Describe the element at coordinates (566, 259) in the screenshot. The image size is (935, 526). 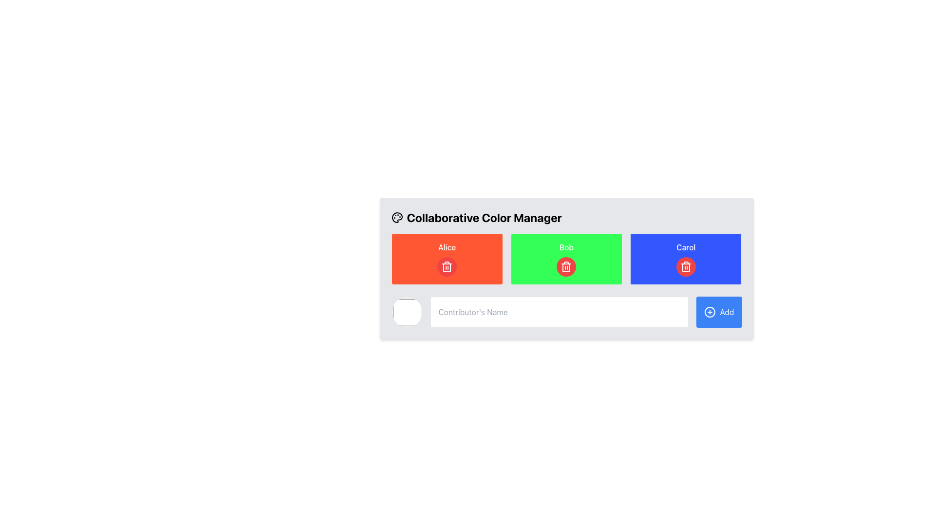
I see `the red delete button within the contributor block for 'Bob'` at that location.